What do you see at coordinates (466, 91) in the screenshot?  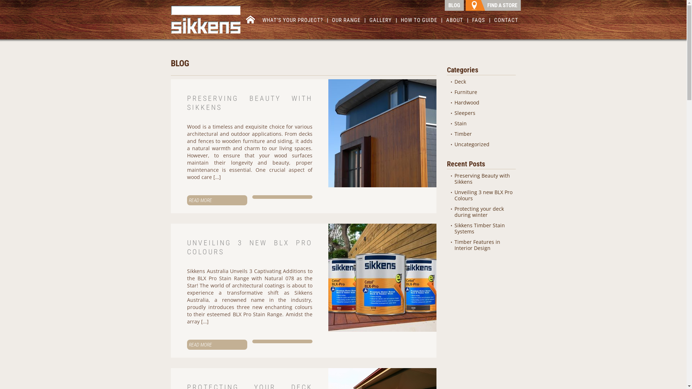 I see `'Furniture'` at bounding box center [466, 91].